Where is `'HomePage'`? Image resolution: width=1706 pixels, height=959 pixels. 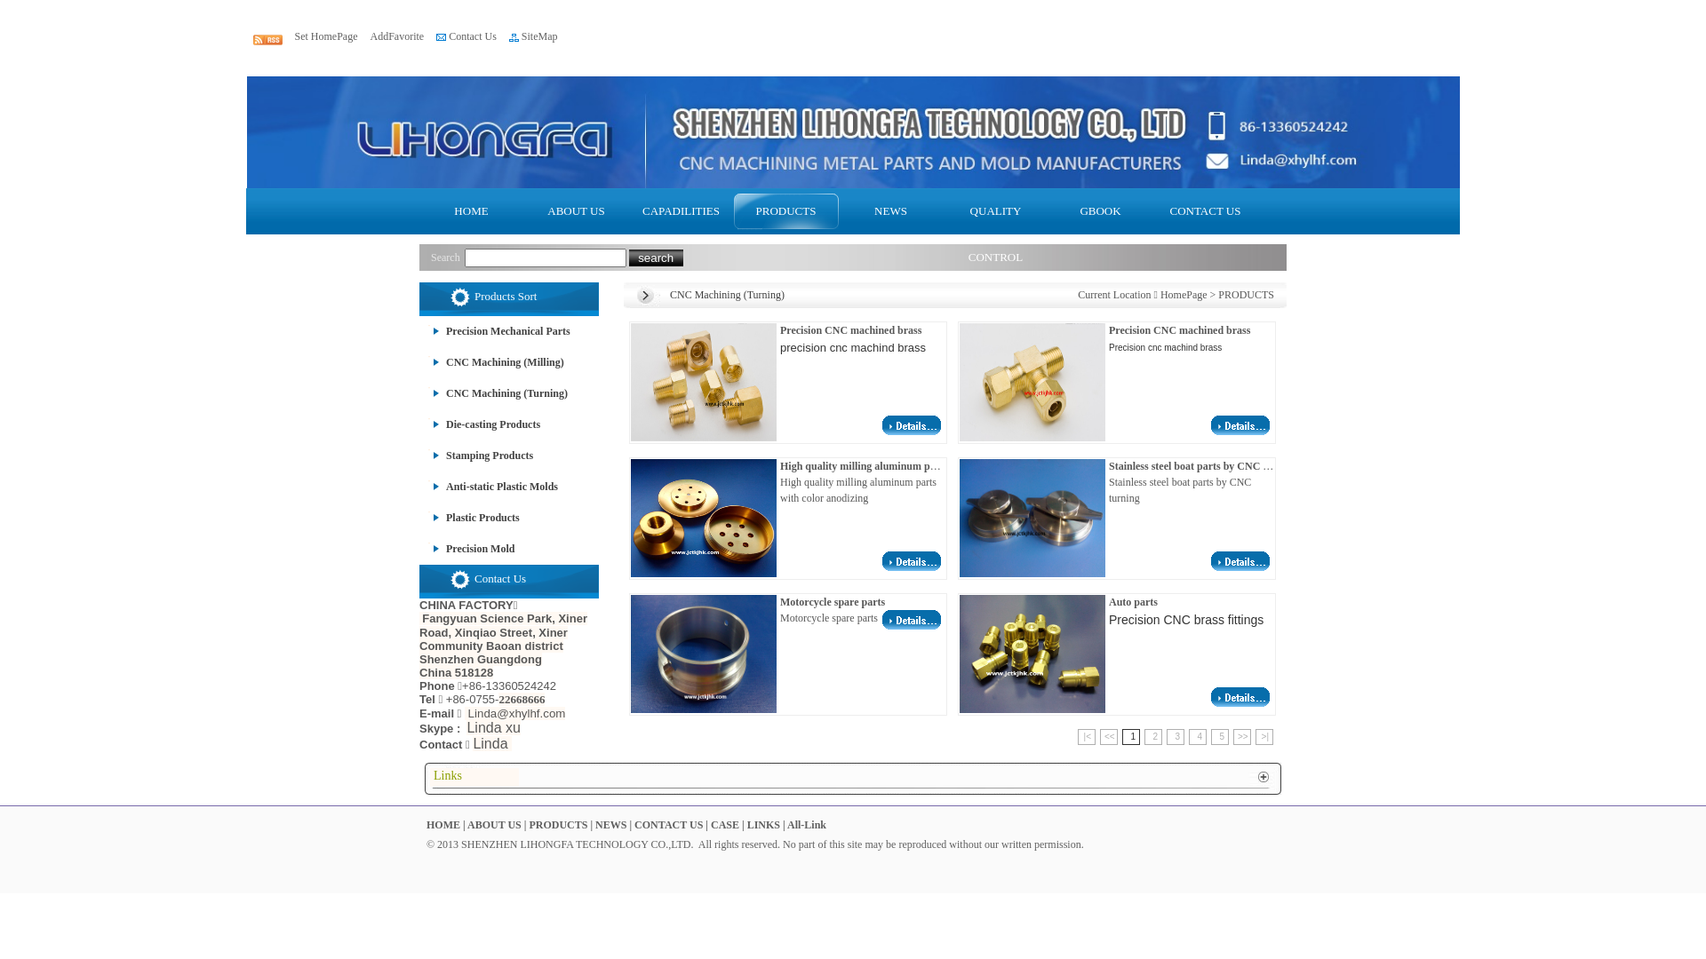 'HomePage' is located at coordinates (1184, 293).